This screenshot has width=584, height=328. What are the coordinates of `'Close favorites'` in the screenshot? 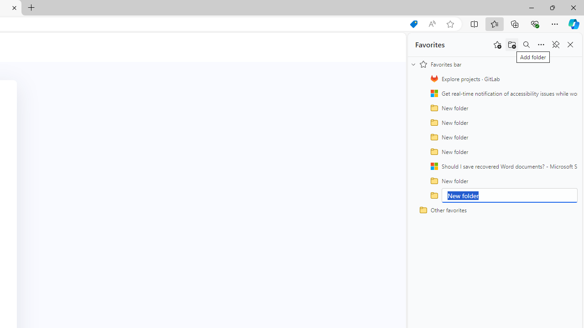 It's located at (570, 45).